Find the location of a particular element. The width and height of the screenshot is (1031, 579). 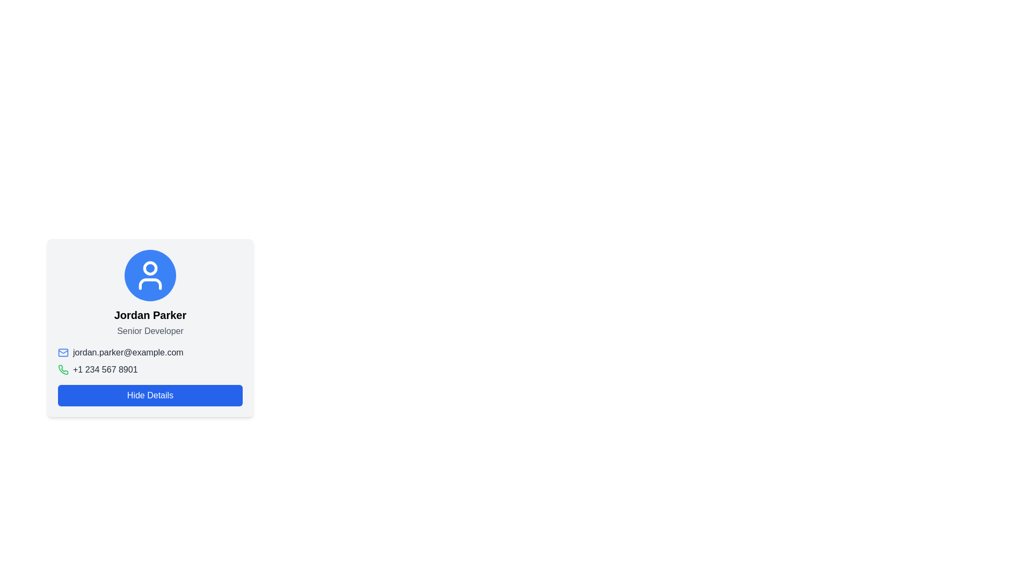

the lower part of the user avatar icon, which is part of a circular graphical representation at the top of the card is located at coordinates (149, 283).